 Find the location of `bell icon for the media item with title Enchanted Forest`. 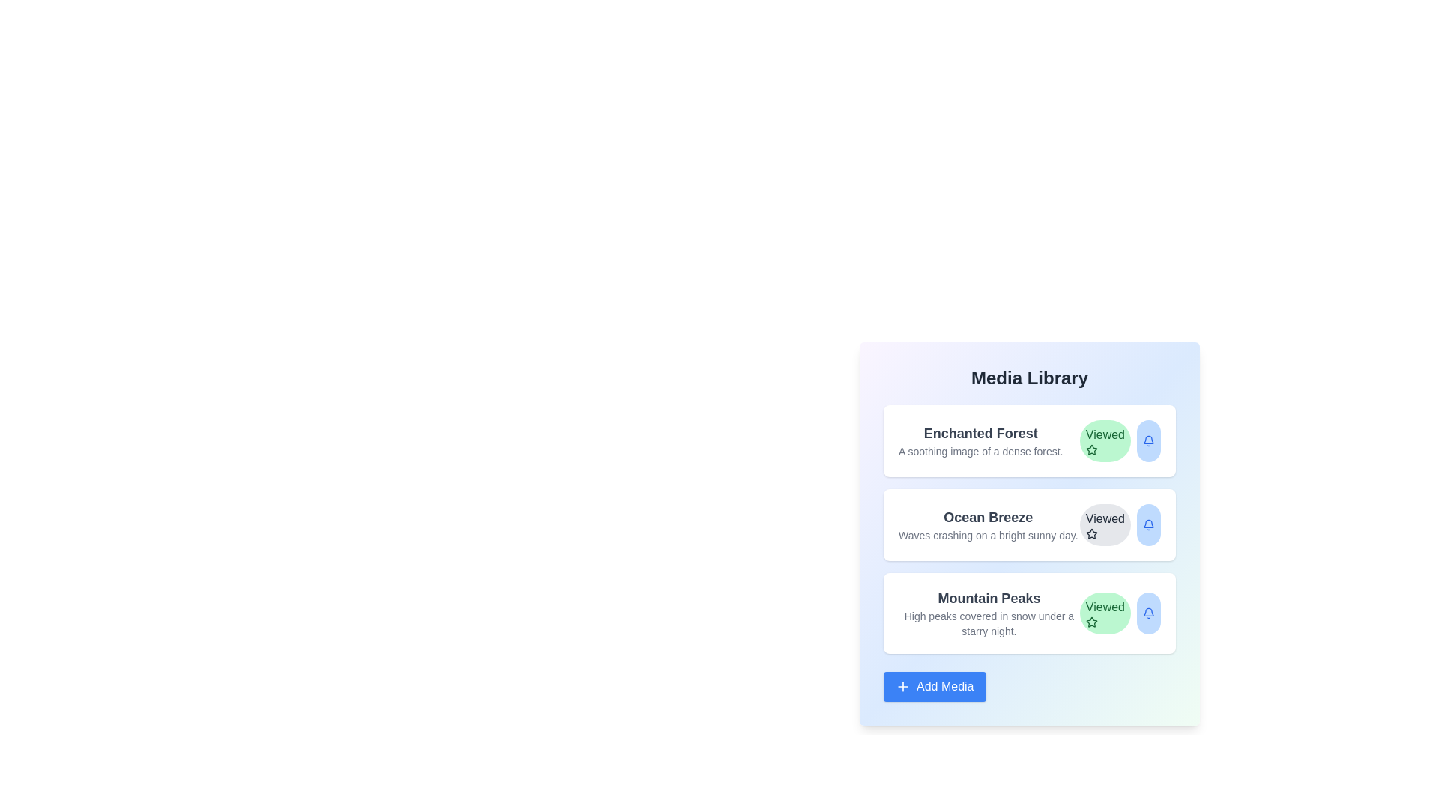

bell icon for the media item with title Enchanted Forest is located at coordinates (1147, 440).